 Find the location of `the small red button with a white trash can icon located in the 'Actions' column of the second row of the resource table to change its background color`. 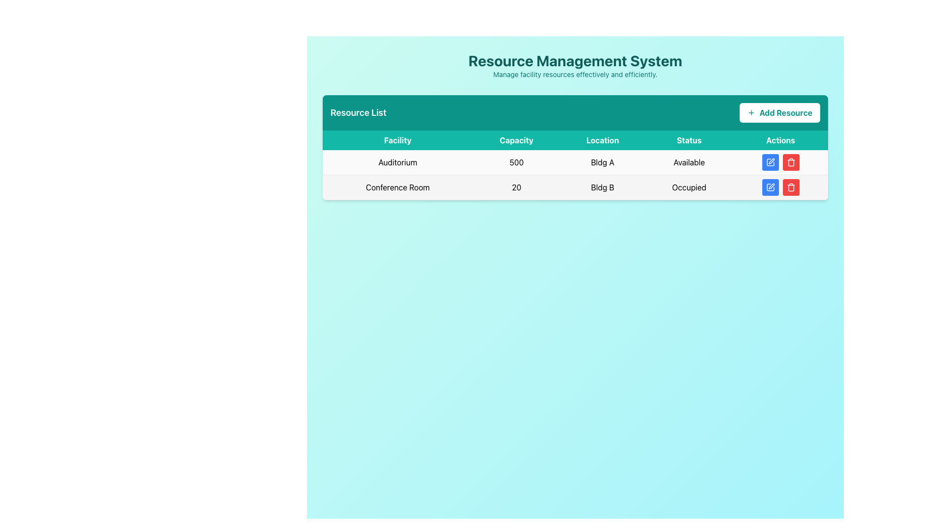

the small red button with a white trash can icon located in the 'Actions' column of the second row of the resource table to change its background color is located at coordinates (791, 187).